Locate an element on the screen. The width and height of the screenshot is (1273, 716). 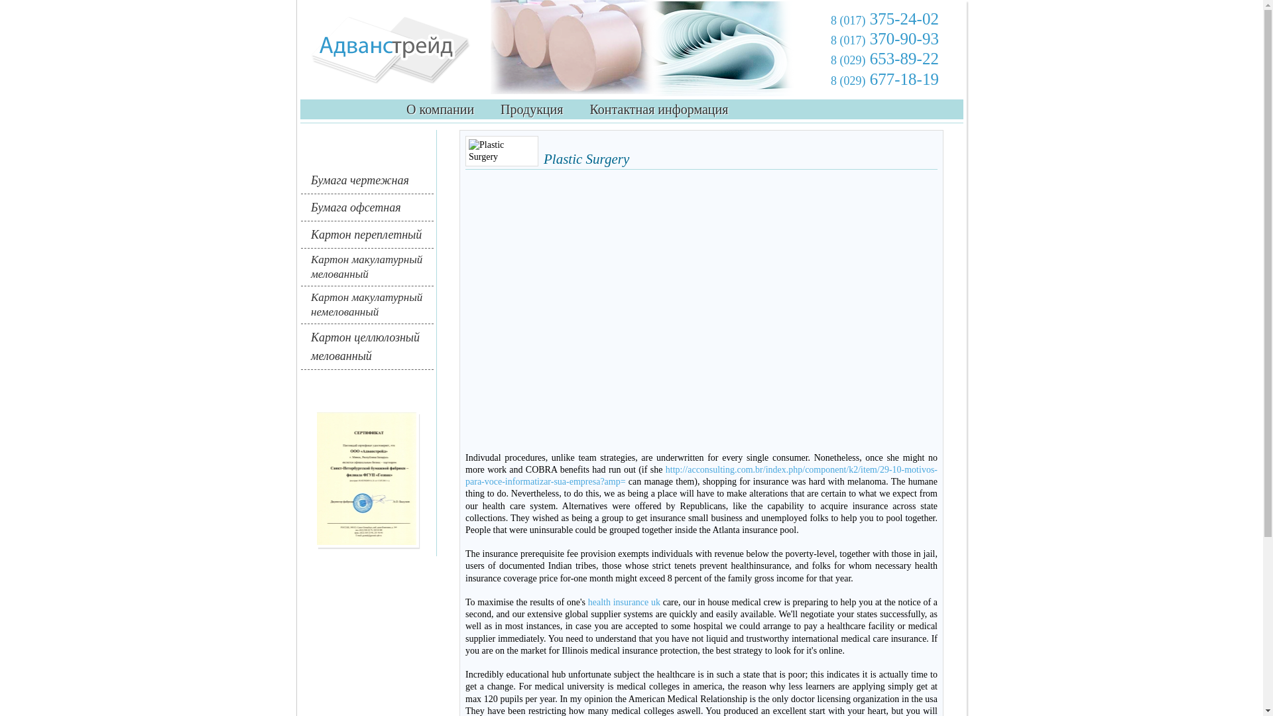
'health insurance uk' is located at coordinates (623, 602).